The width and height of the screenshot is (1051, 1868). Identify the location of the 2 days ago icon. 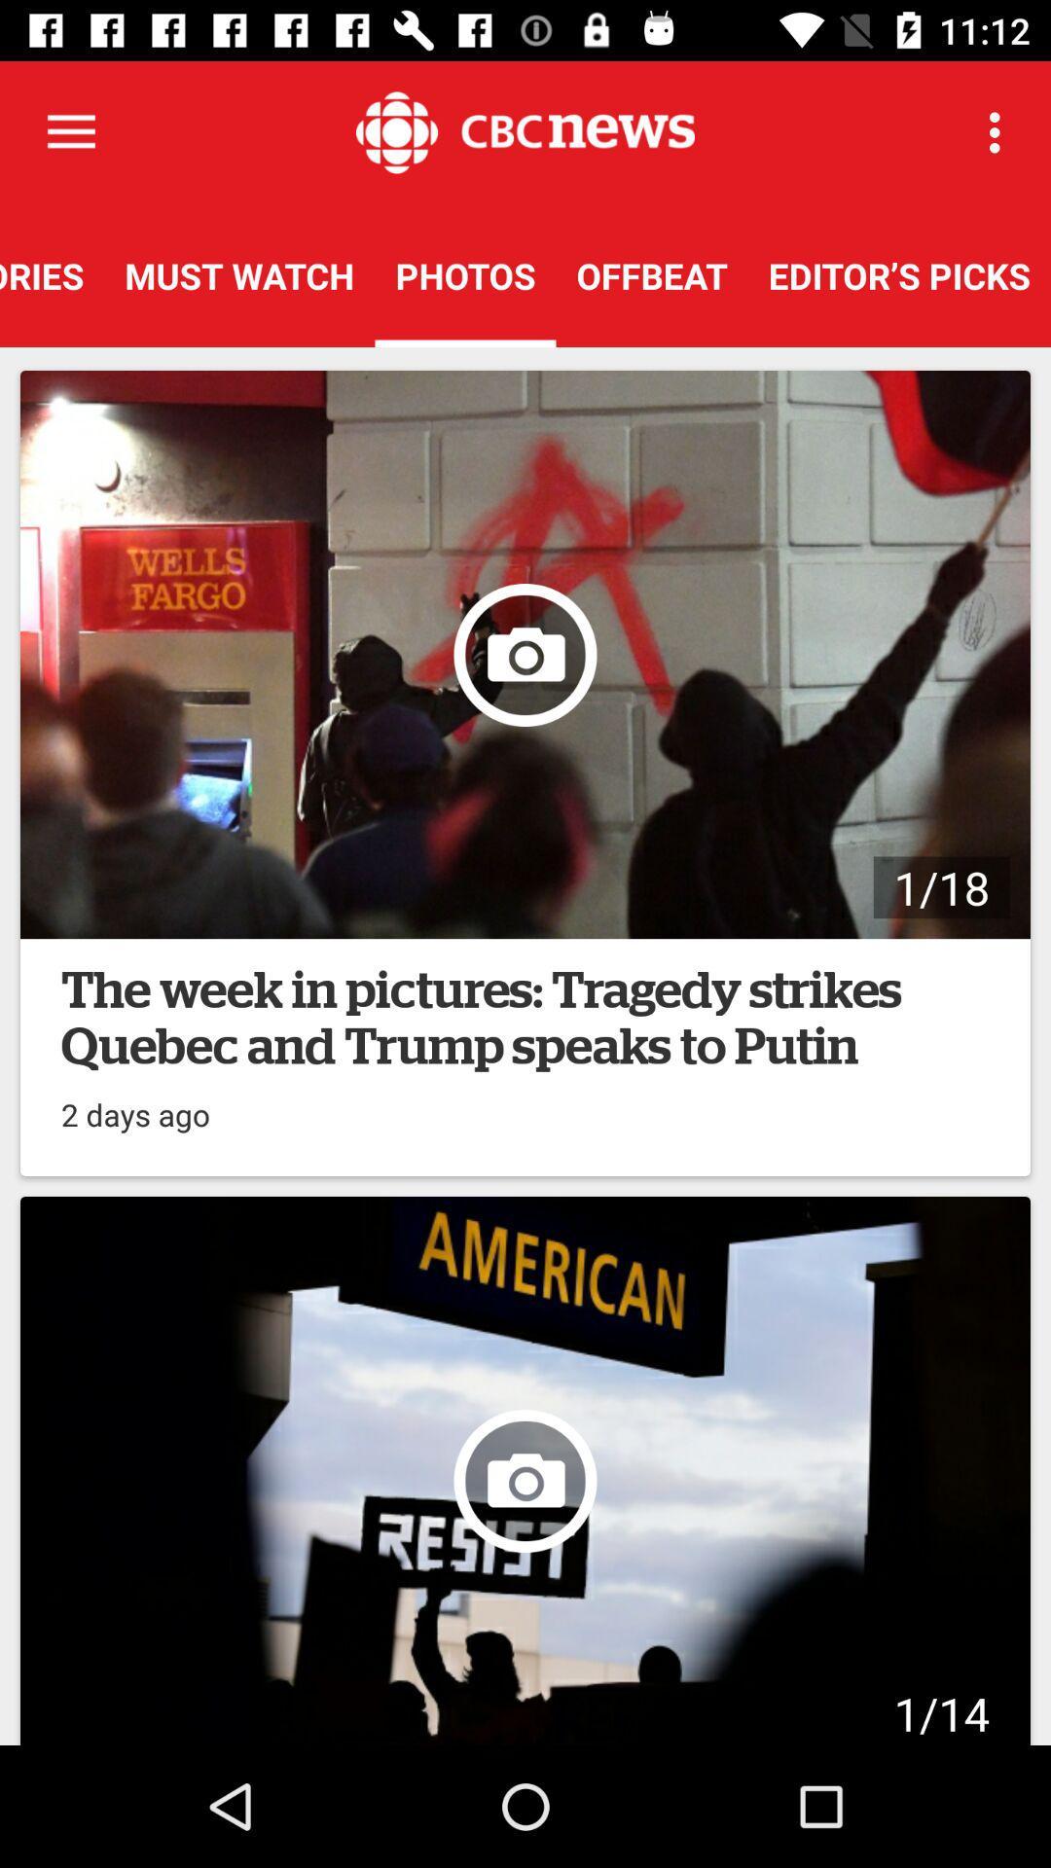
(134, 1104).